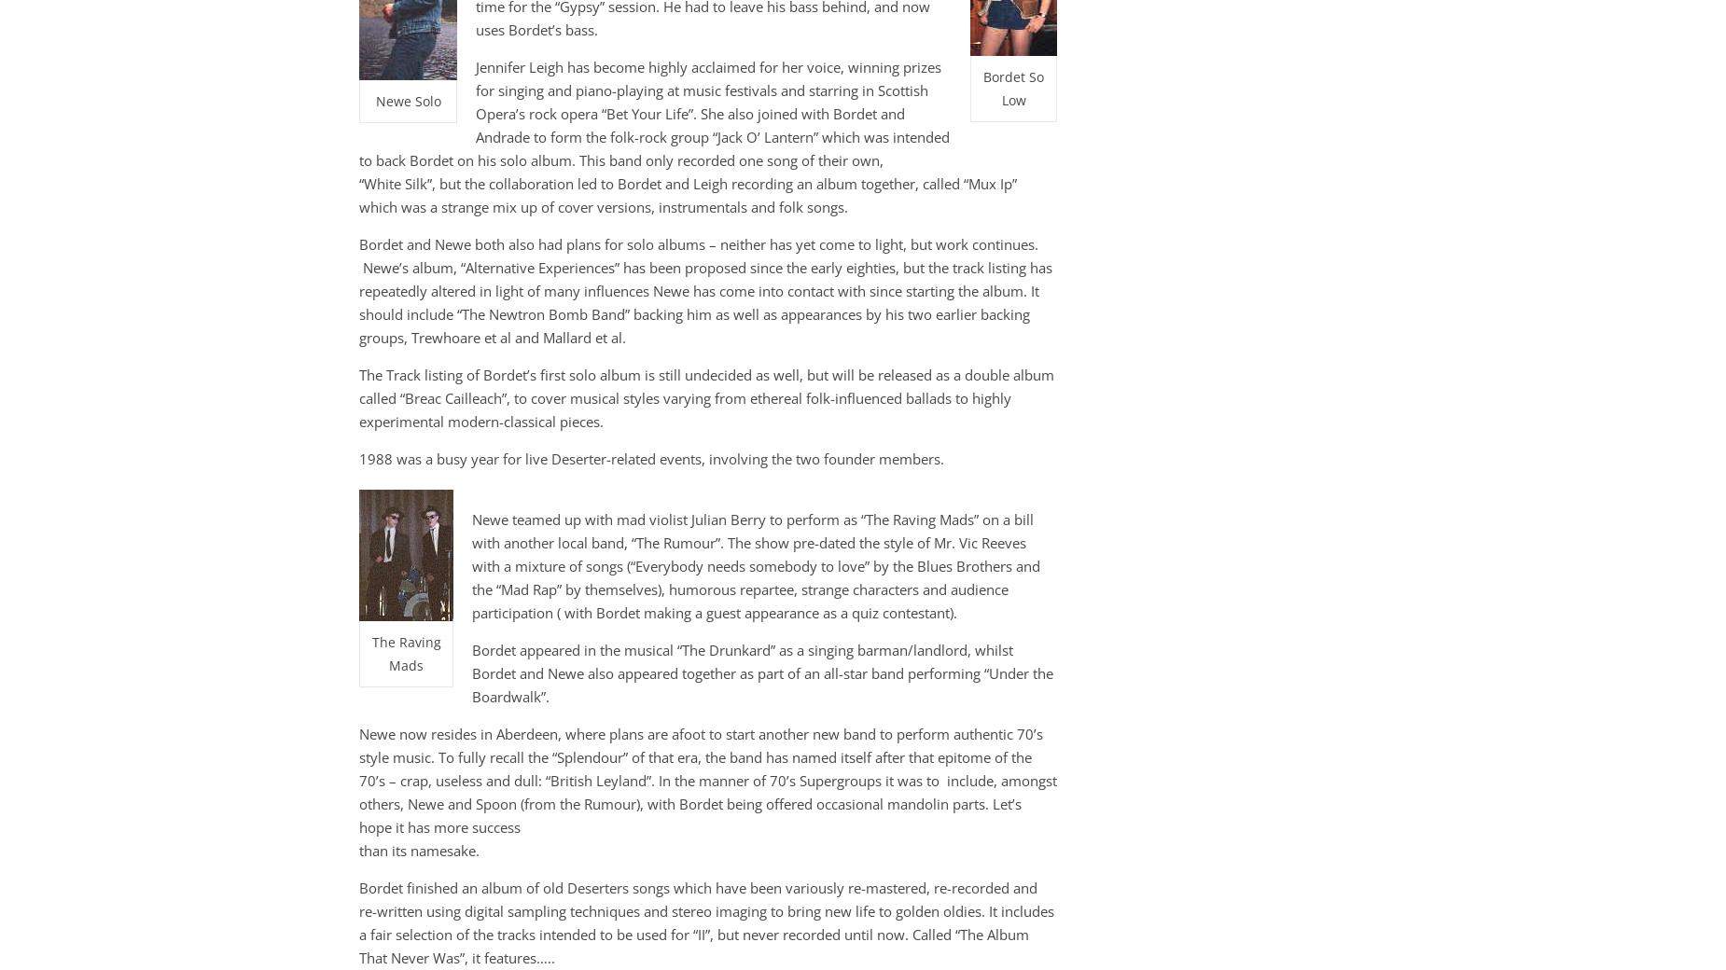 The width and height of the screenshot is (1726, 970). What do you see at coordinates (418, 850) in the screenshot?
I see `'than its namesake.'` at bounding box center [418, 850].